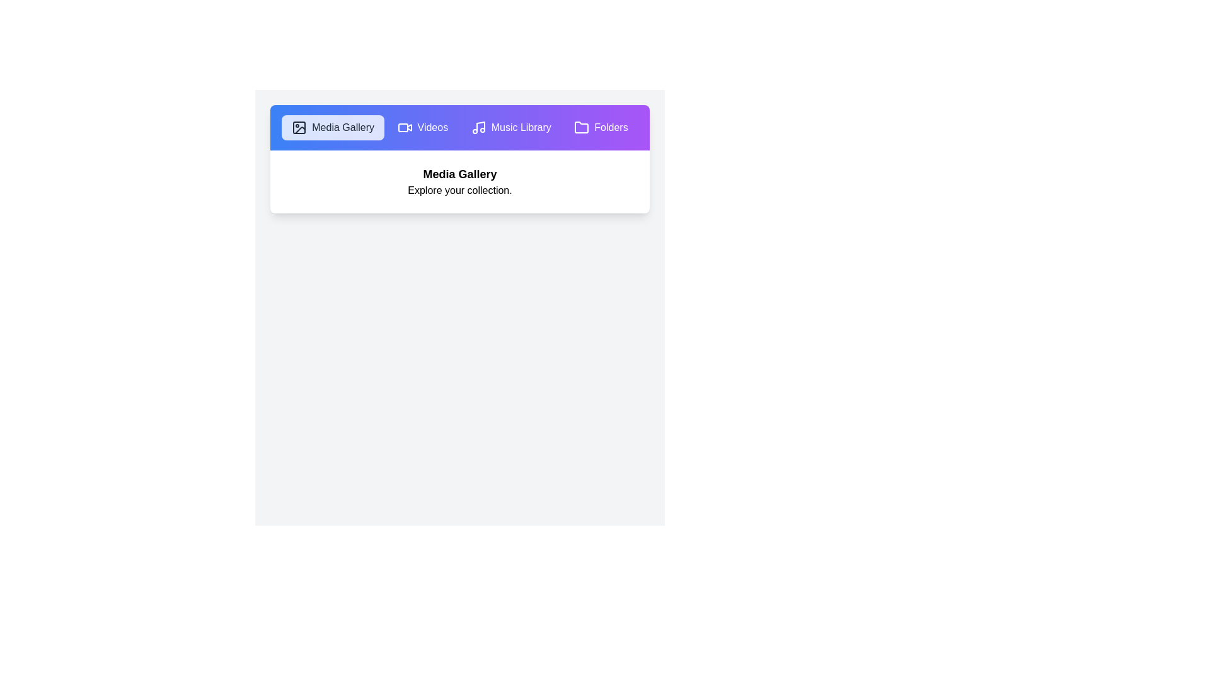  What do you see at coordinates (333, 128) in the screenshot?
I see `the 'Media Gallery' button, which is the first button in a row of navigation options in a gradient purple and blue top bar` at bounding box center [333, 128].